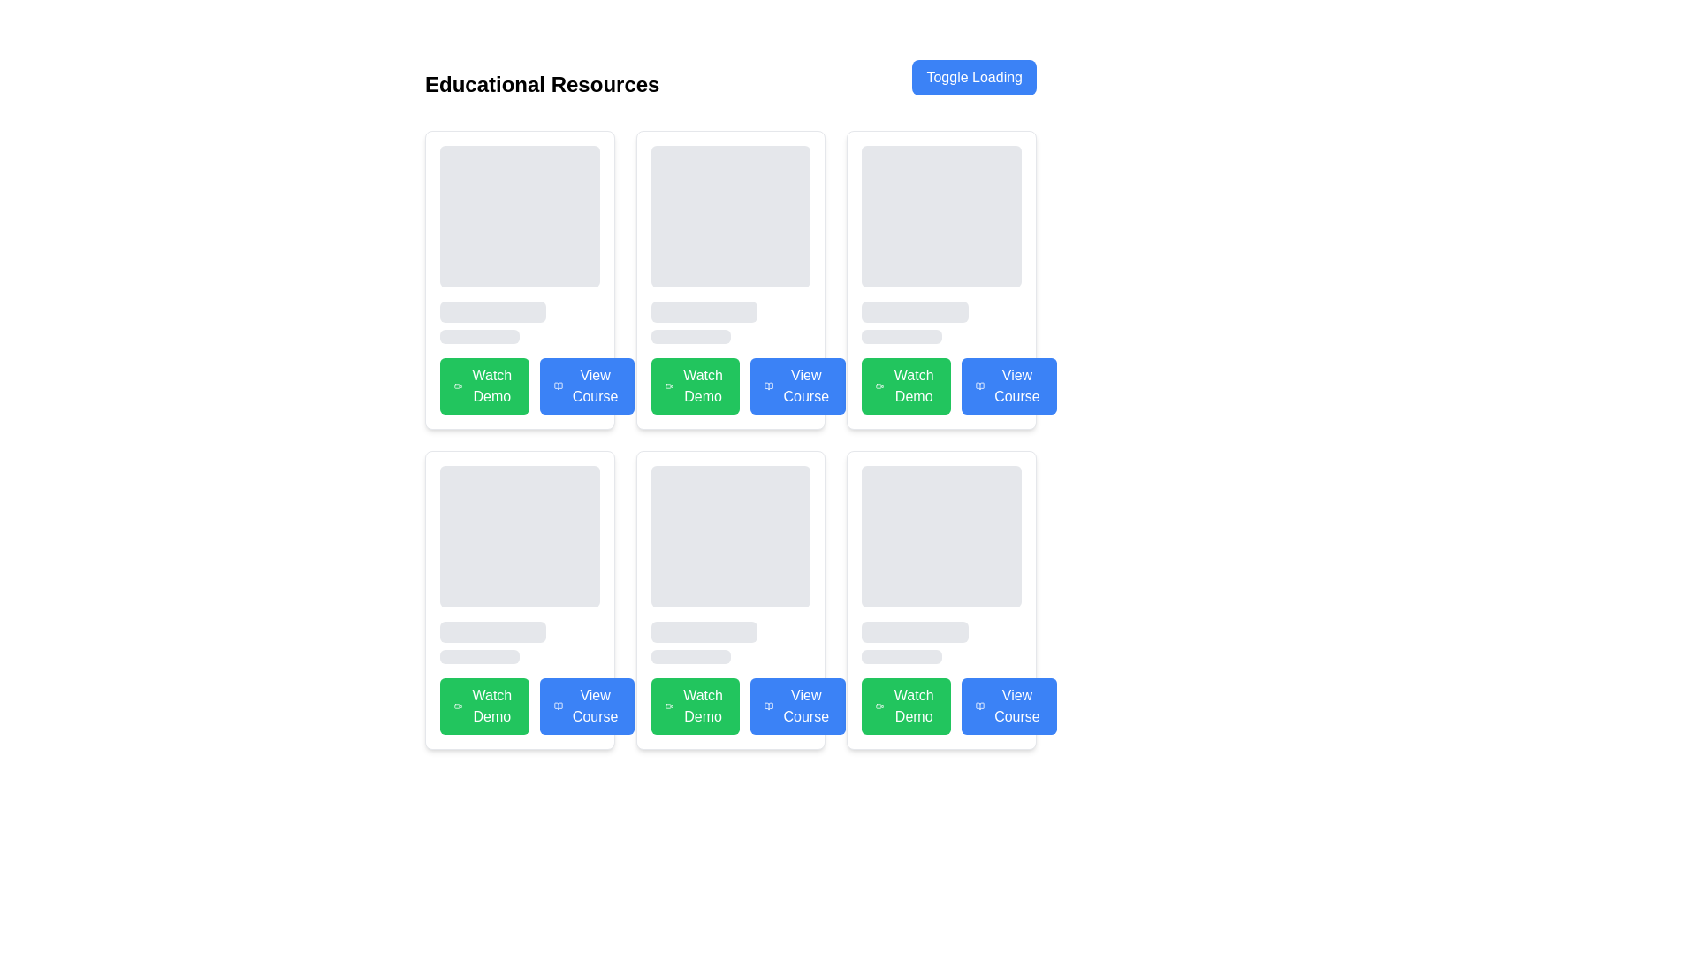  What do you see at coordinates (695, 385) in the screenshot?
I see `the green 'Watch Demo' button with a video icon` at bounding box center [695, 385].